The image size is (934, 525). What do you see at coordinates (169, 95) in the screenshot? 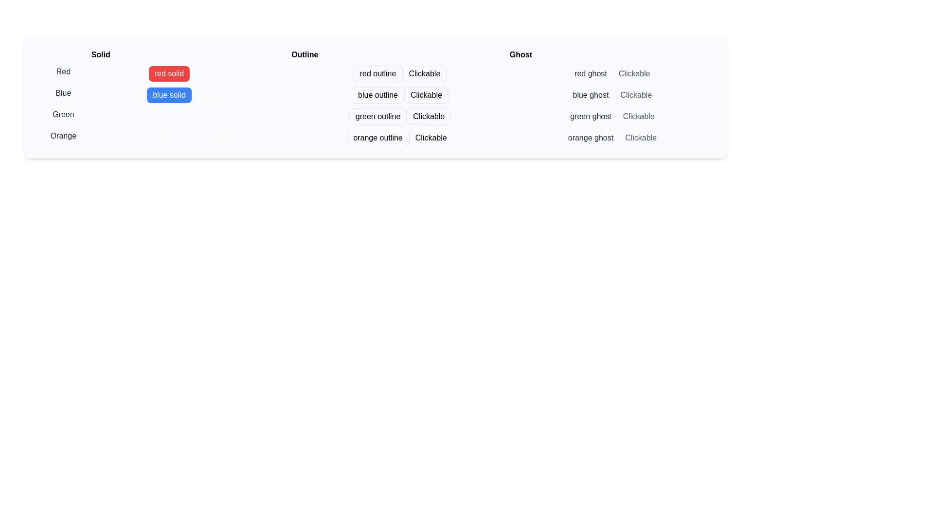
I see `the button labeled 'blue solid', which is the first button in the second row of the 'Solid' column` at bounding box center [169, 95].